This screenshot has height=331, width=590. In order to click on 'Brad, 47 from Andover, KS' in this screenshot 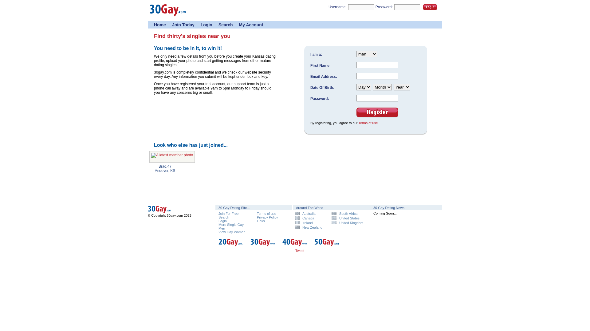, I will do `click(172, 157)`.